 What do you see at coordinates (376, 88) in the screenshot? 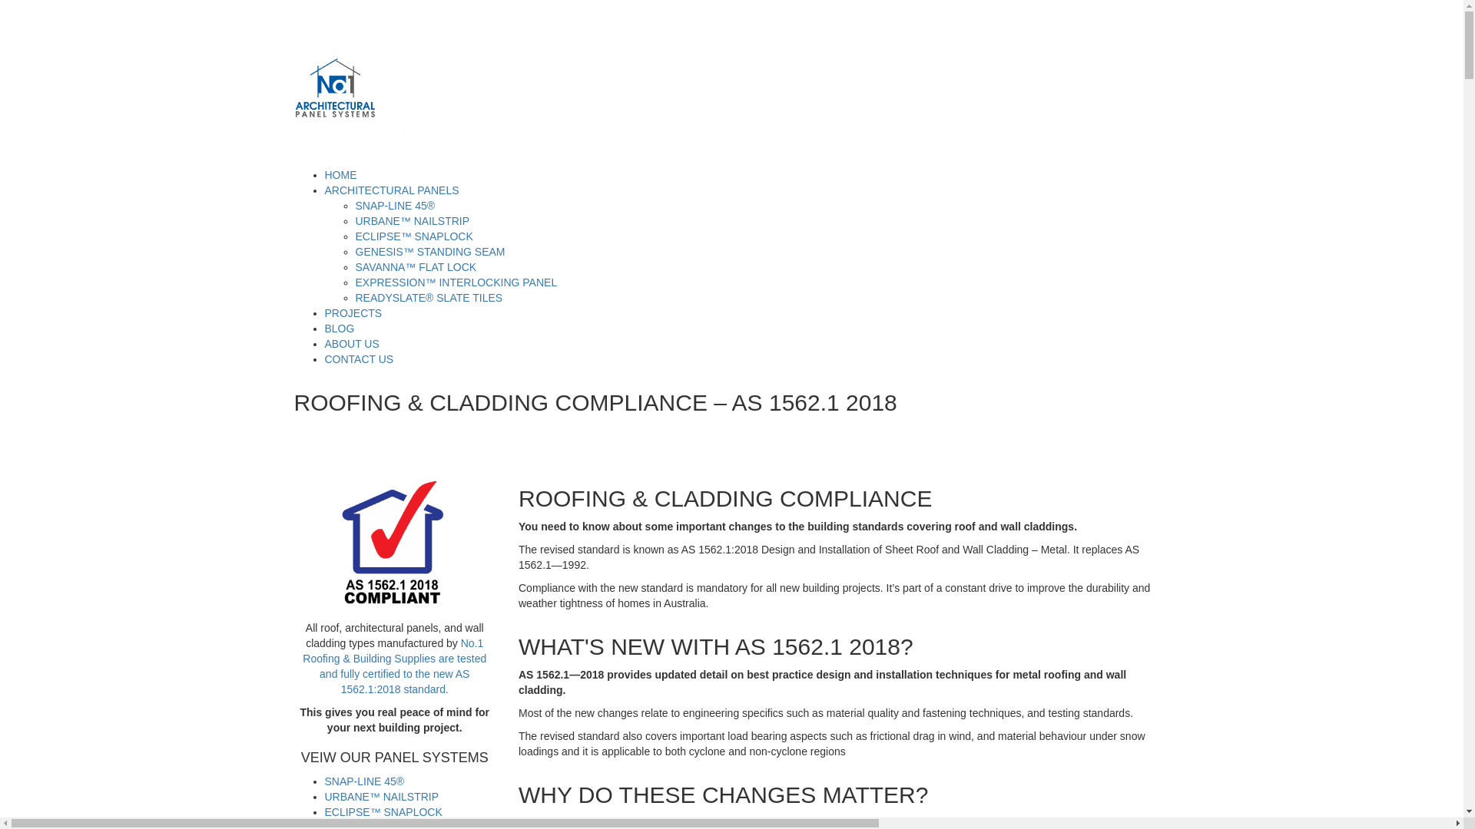
I see `'There is no equivalent'` at bounding box center [376, 88].